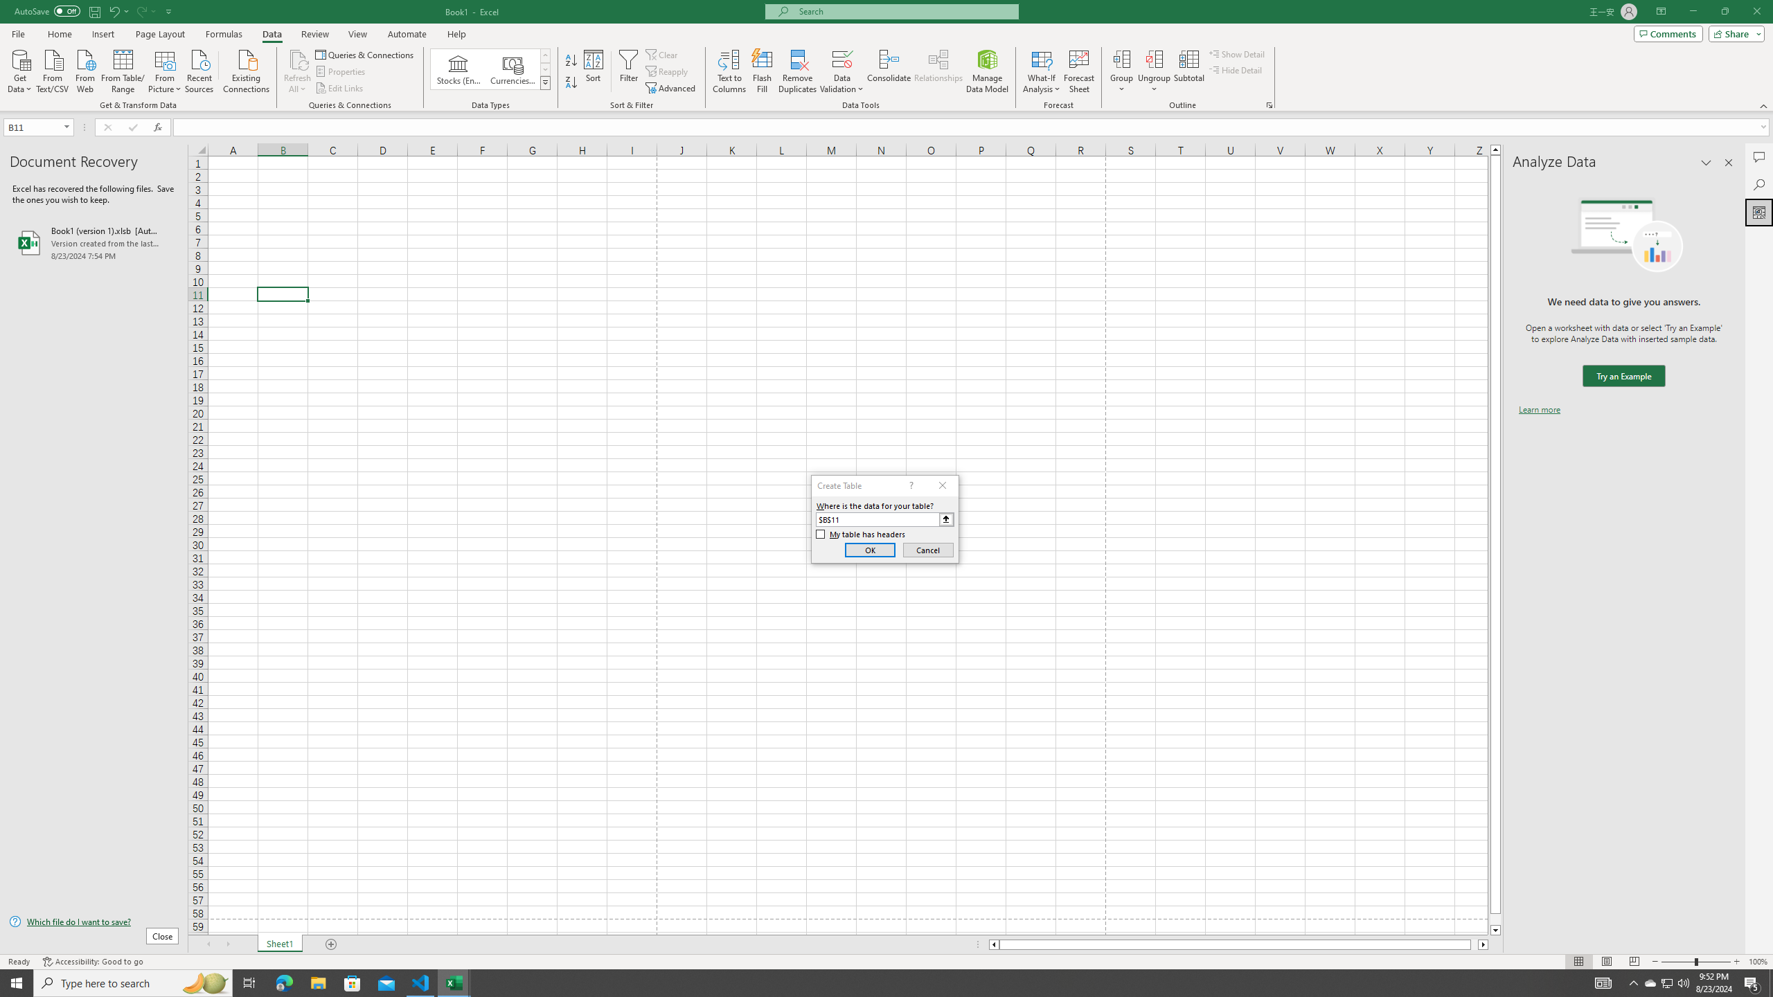  I want to click on 'Page Layout', so click(160, 34).